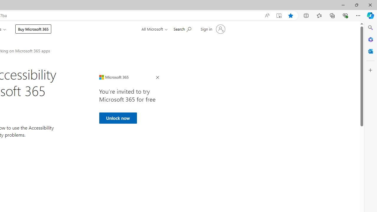 Image resolution: width=377 pixels, height=212 pixels. What do you see at coordinates (358, 15) in the screenshot?
I see `'Settings and more (Alt+F)'` at bounding box center [358, 15].